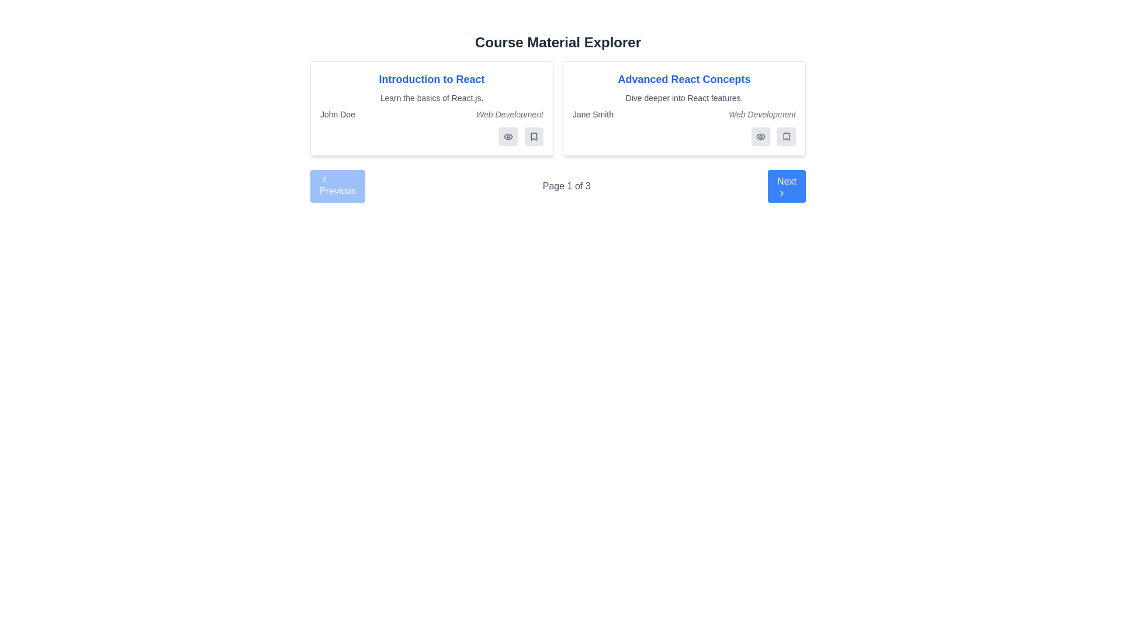  Describe the element at coordinates (684, 98) in the screenshot. I see `the text label that reads 'Dive deeper into React features.' located in the middle portion of the right card labeled 'Advanced React Concepts.'` at that location.